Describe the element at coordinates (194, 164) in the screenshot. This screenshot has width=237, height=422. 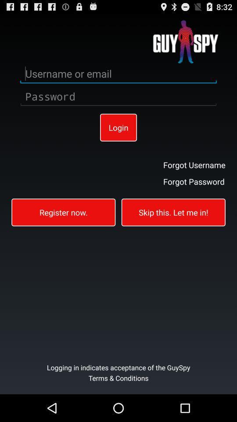
I see `forgot username` at that location.